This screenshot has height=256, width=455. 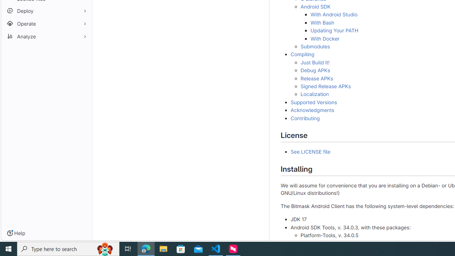 I want to click on 'Signed Release APKs', so click(x=325, y=86).